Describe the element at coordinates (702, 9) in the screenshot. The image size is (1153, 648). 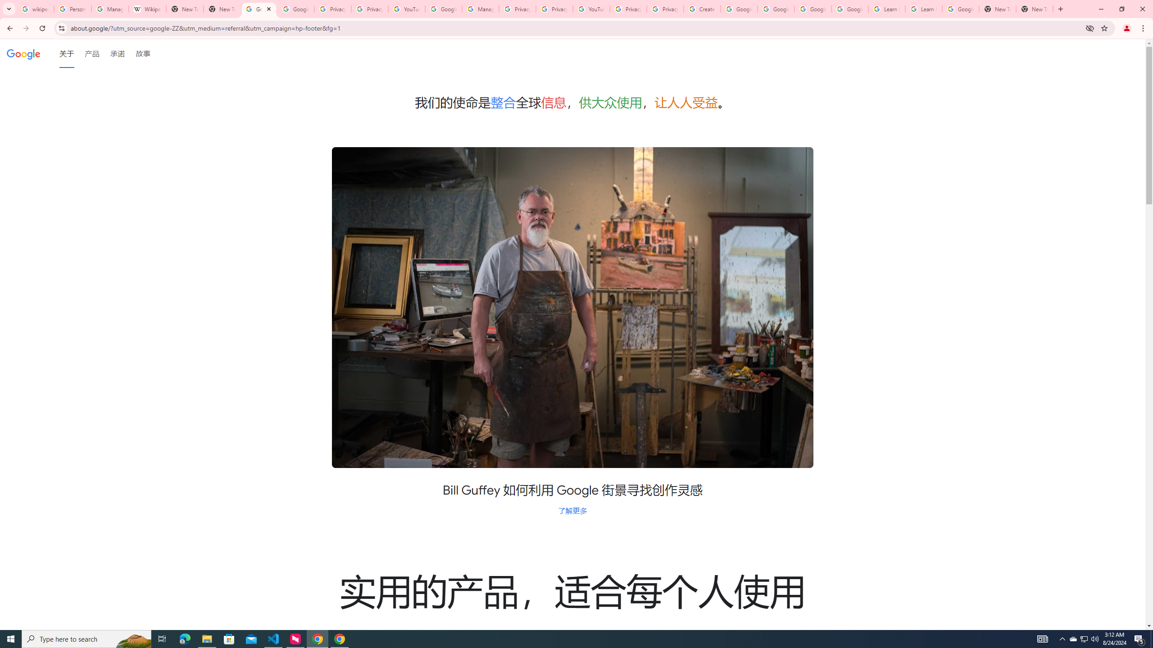
I see `'Create your Google Account'` at that location.